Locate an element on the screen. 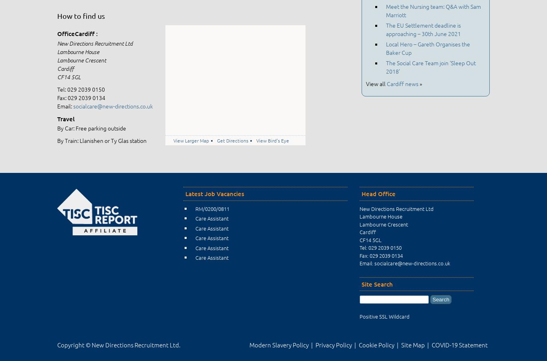  'Get Directions' is located at coordinates (232, 140).